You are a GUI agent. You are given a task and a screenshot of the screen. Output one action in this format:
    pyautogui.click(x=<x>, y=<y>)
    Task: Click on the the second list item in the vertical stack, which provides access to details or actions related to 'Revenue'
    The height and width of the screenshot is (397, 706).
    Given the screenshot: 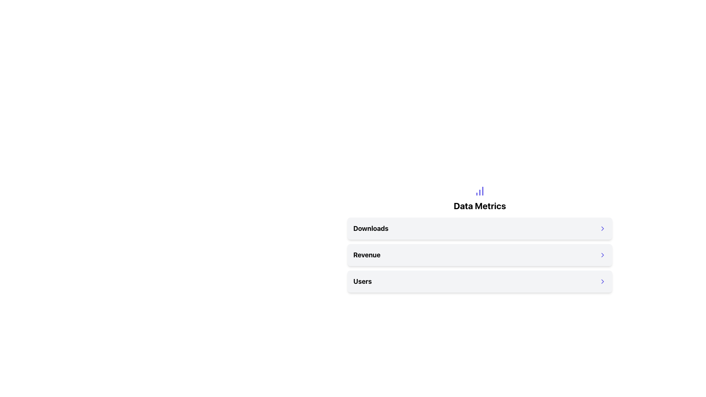 What is the action you would take?
    pyautogui.click(x=480, y=255)
    